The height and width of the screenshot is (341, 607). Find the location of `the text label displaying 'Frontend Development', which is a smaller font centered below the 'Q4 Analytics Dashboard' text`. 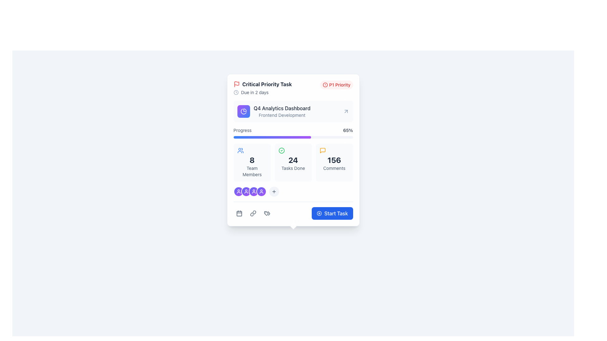

the text label displaying 'Frontend Development', which is a smaller font centered below the 'Q4 Analytics Dashboard' text is located at coordinates (282, 115).